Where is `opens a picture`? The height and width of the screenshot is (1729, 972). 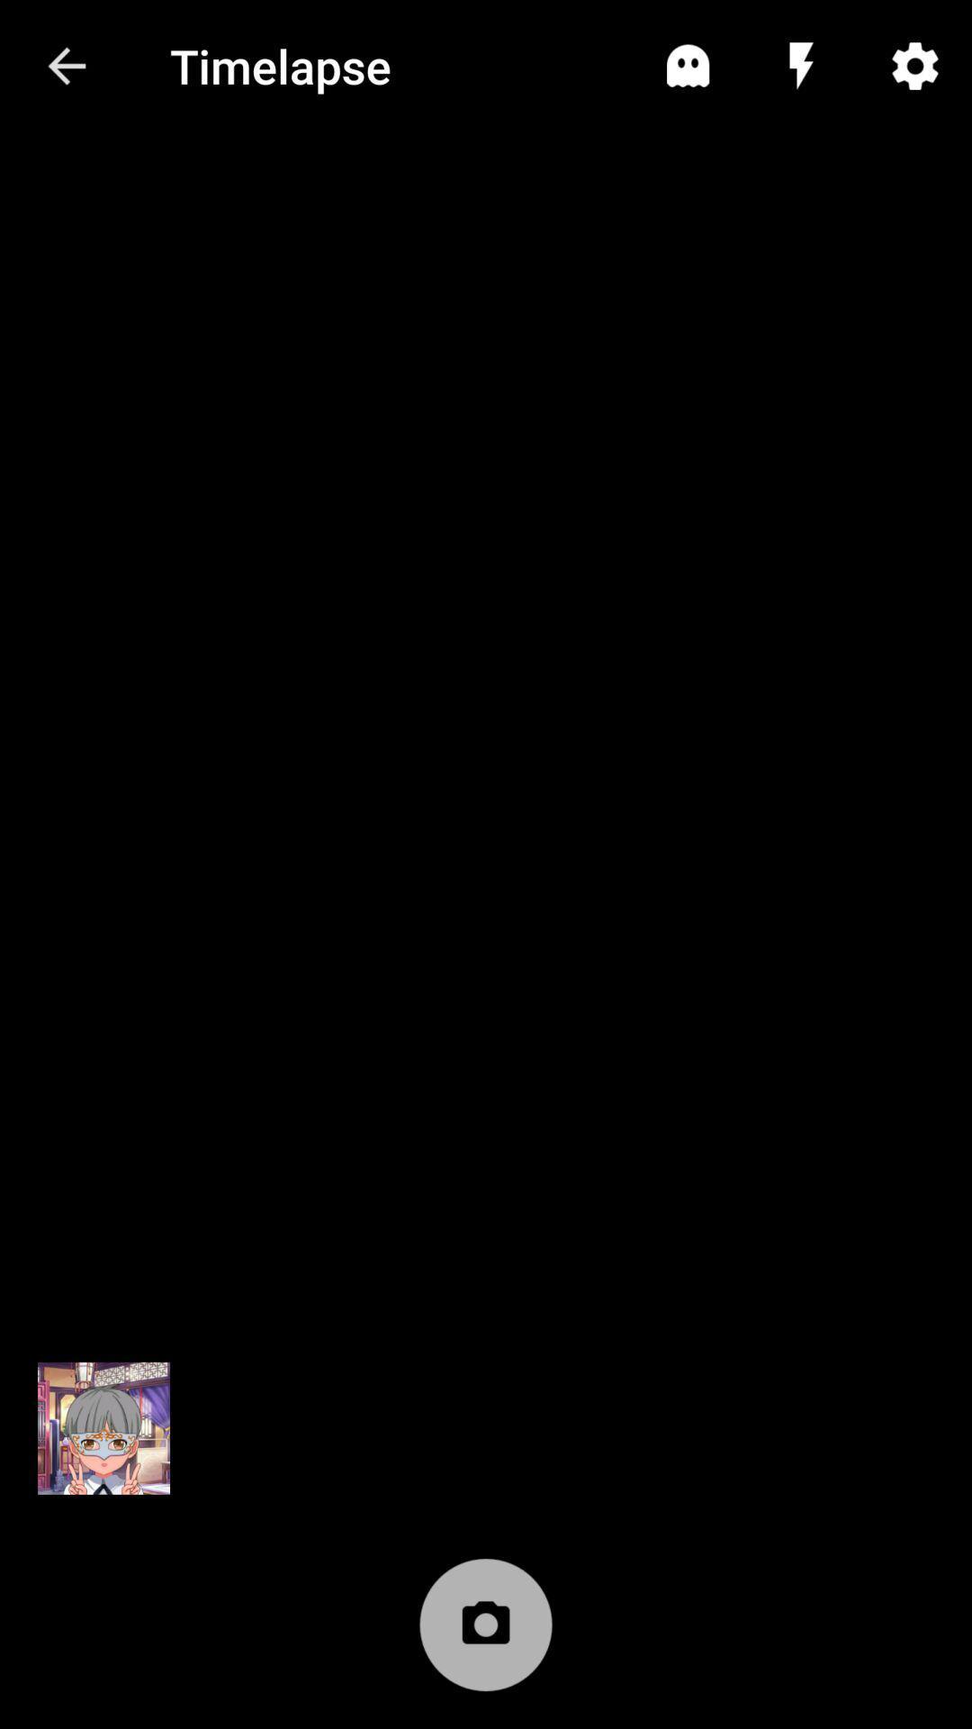
opens a picture is located at coordinates (103, 1427).